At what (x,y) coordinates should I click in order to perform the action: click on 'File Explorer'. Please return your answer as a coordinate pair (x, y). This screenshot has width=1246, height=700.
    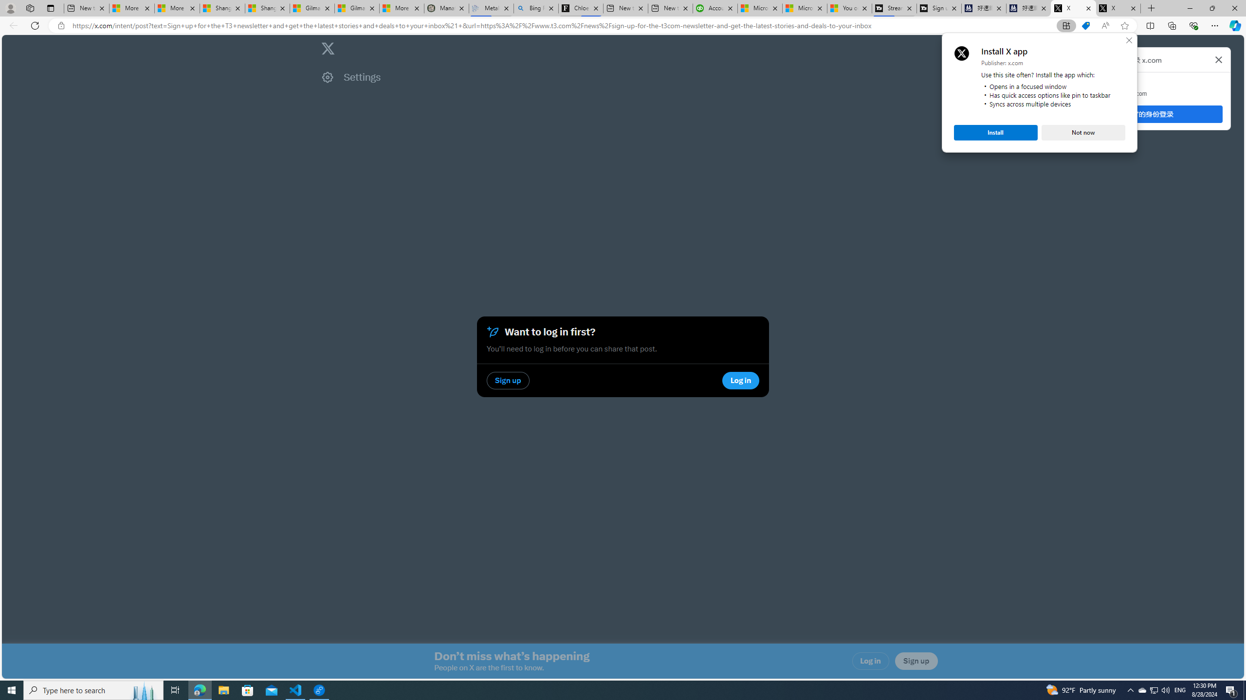
    Looking at the image, I should click on (223, 689).